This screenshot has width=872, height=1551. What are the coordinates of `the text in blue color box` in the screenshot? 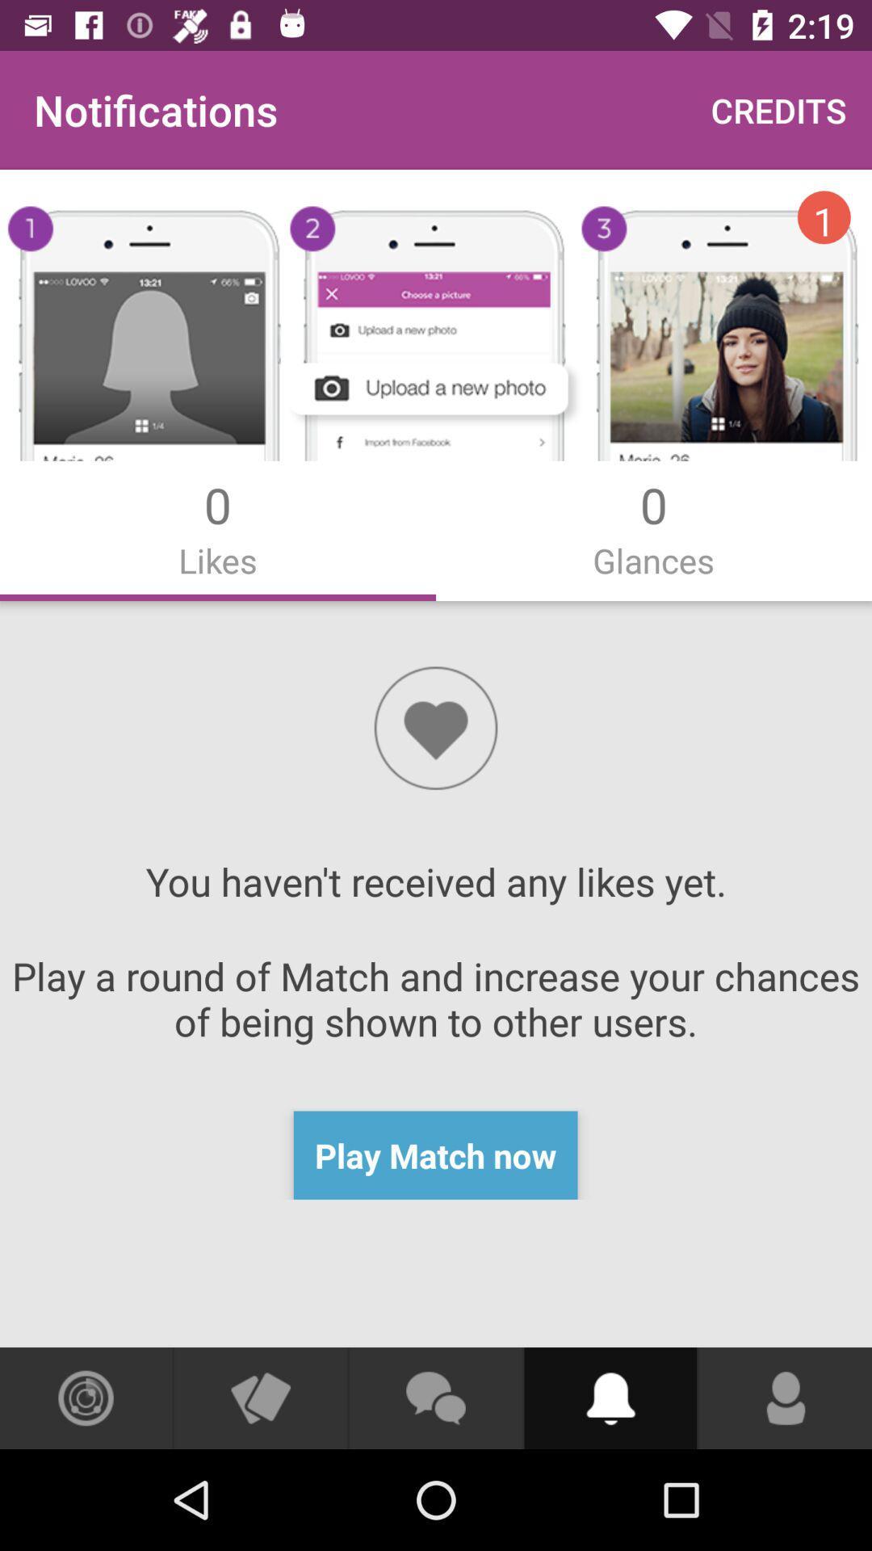 It's located at (436, 1154).